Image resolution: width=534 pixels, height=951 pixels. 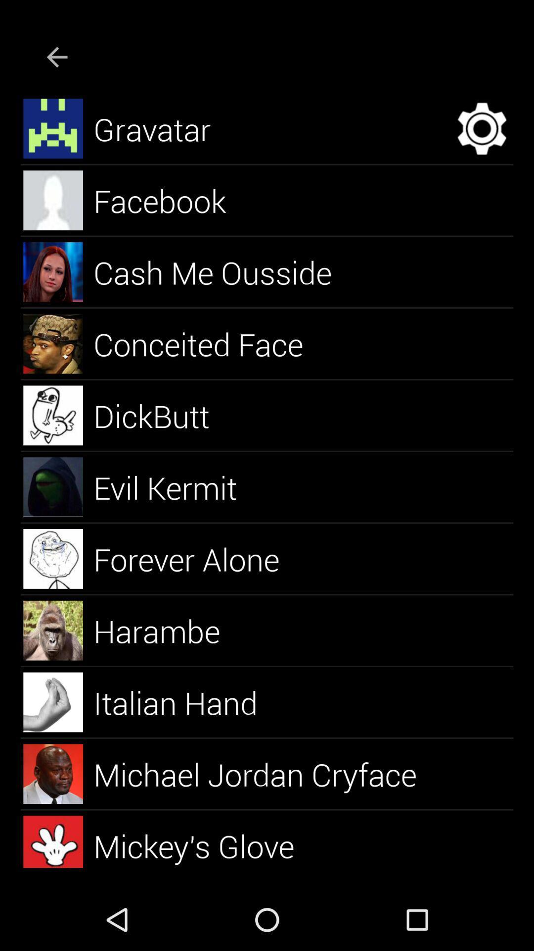 What do you see at coordinates (176, 487) in the screenshot?
I see `evil kermit icon` at bounding box center [176, 487].